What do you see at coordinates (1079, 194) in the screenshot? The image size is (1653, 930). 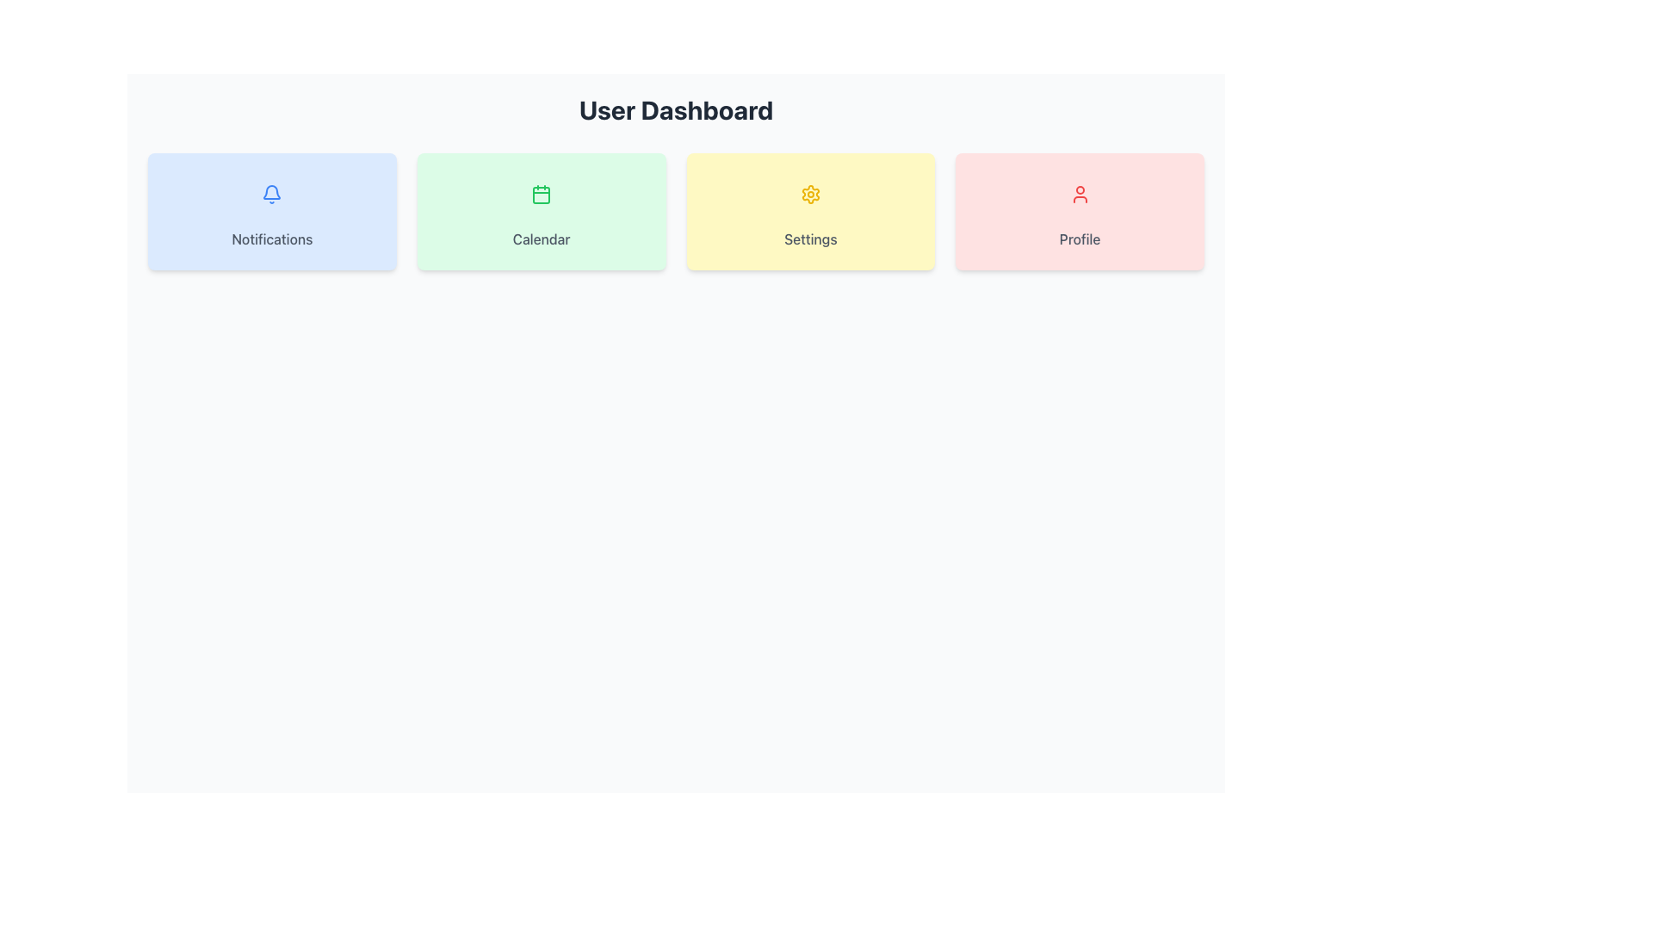 I see `the circular red user icon located in the pink 'Profile' card, which is positioned at the rightmost side of the grid of function cards` at bounding box center [1079, 194].